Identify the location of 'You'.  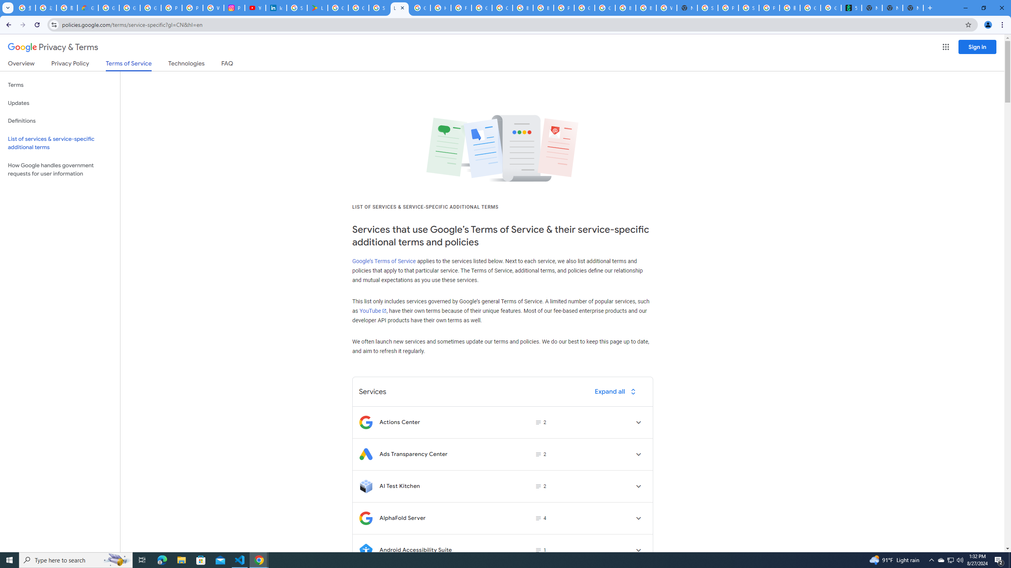
(988, 24).